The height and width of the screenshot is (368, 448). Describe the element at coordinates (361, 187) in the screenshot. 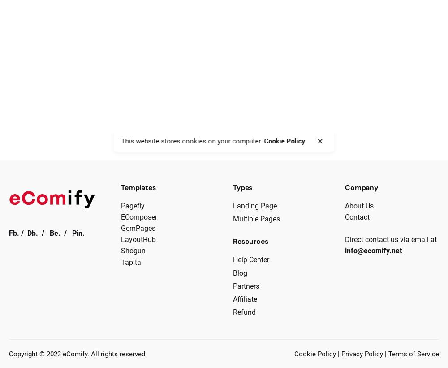

I see `'Company'` at that location.